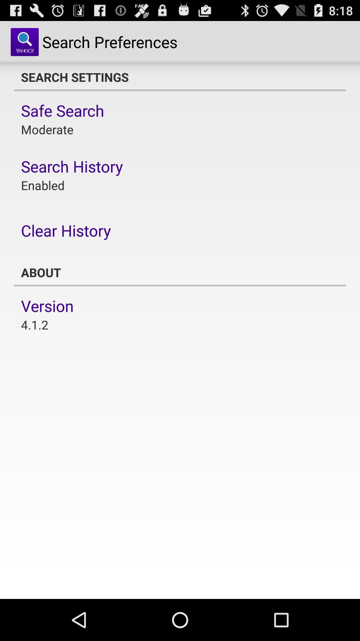 Image resolution: width=360 pixels, height=641 pixels. I want to click on the app below moderate, so click(72, 166).